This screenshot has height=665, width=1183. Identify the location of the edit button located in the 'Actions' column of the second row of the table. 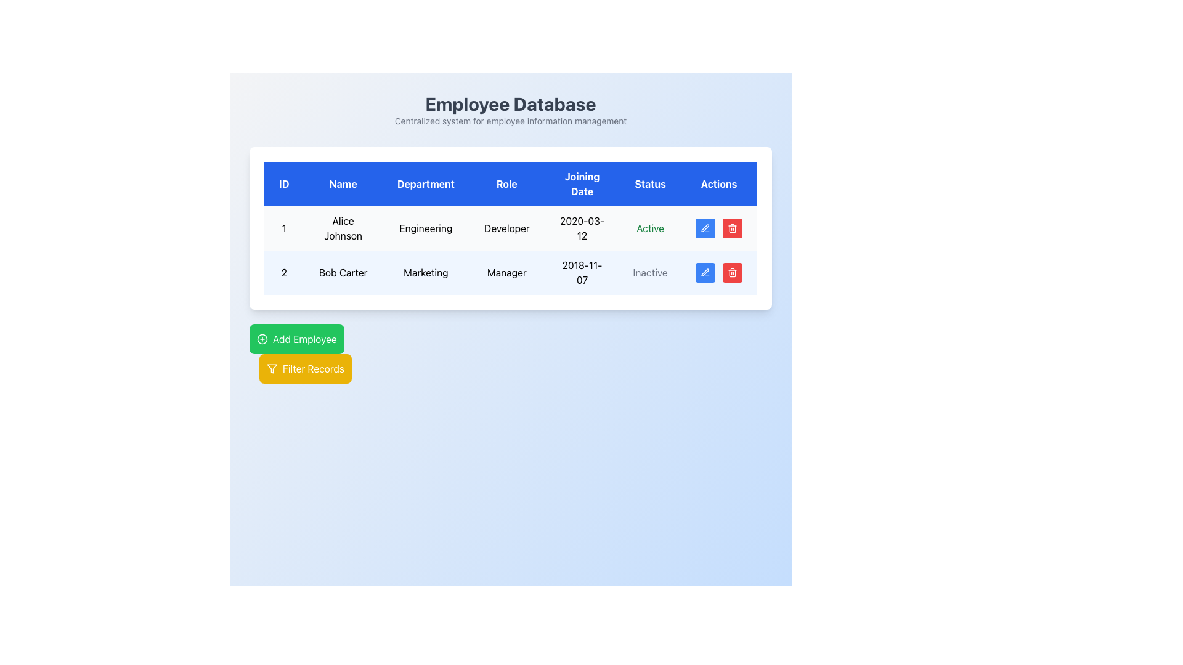
(705, 272).